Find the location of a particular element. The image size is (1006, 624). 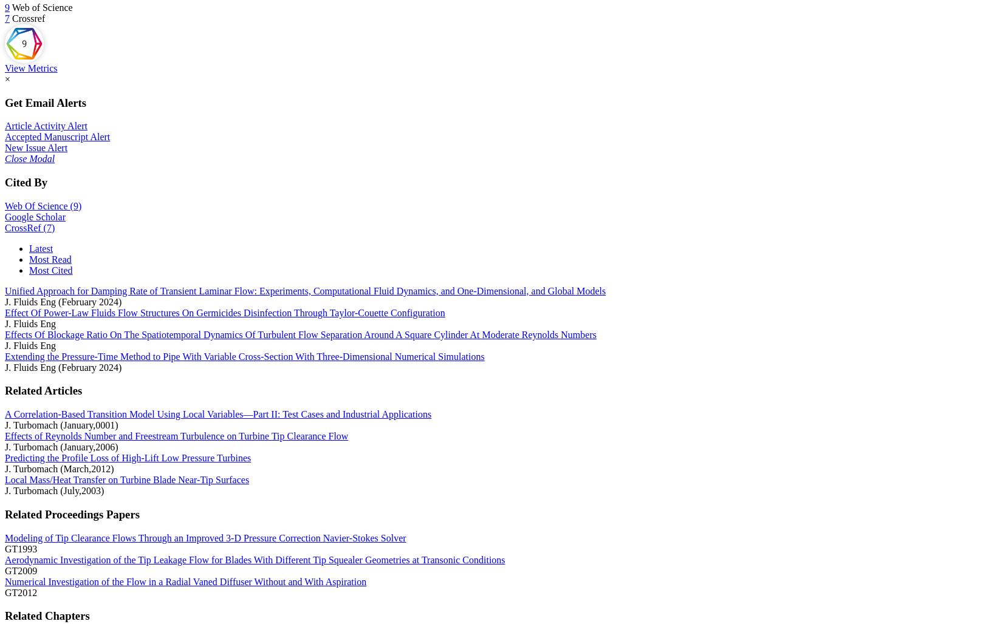

'Related Proceedings Papers' is located at coordinates (71, 513).